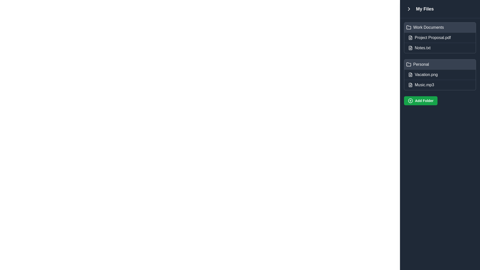 The image size is (480, 270). What do you see at coordinates (428, 27) in the screenshot?
I see `the label for the 'Work Documents' folder` at bounding box center [428, 27].